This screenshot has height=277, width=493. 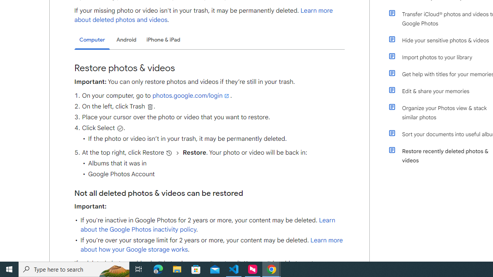 What do you see at coordinates (177, 153) in the screenshot?
I see `'and then'` at bounding box center [177, 153].